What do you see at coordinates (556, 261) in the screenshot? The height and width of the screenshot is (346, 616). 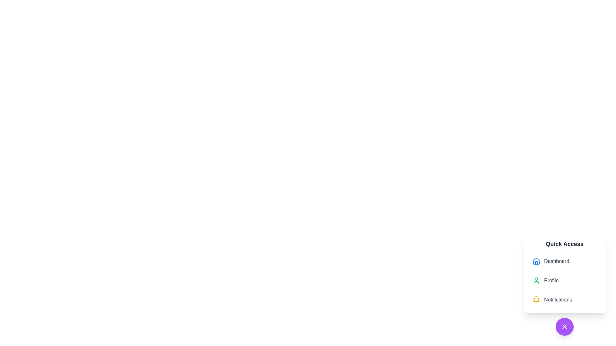 I see `text label 'Dashboard' that is styled with a gray font and is located within the vertical menu under 'Quick Access', positioned to the right of a blue house-shaped icon` at bounding box center [556, 261].